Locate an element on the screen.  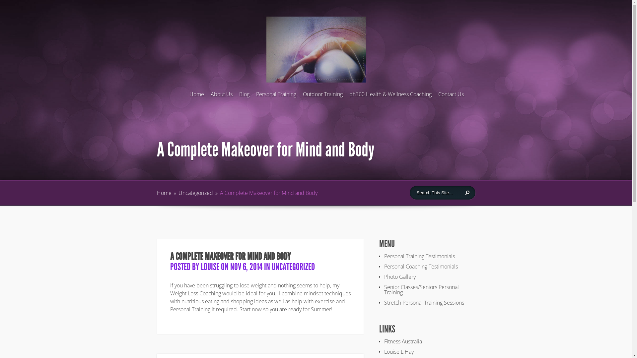
'Stretch Personal Training Sessions' is located at coordinates (424, 303).